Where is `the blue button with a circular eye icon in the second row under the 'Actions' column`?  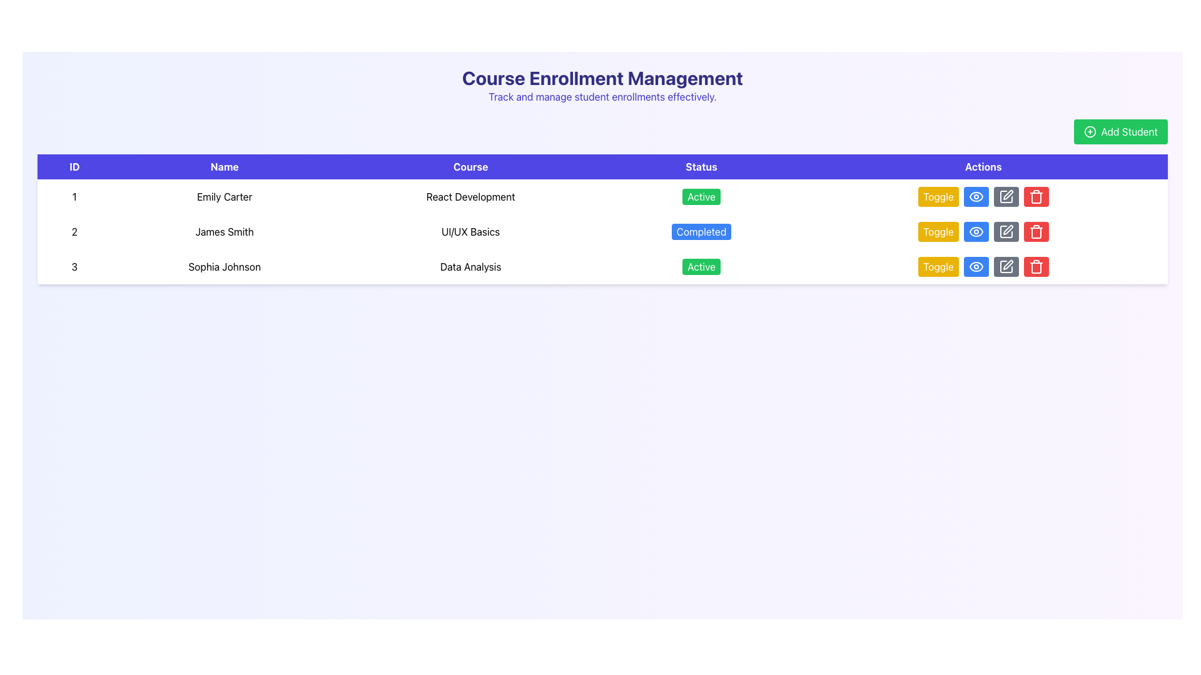
the blue button with a circular eye icon in the second row under the 'Actions' column is located at coordinates (982, 231).